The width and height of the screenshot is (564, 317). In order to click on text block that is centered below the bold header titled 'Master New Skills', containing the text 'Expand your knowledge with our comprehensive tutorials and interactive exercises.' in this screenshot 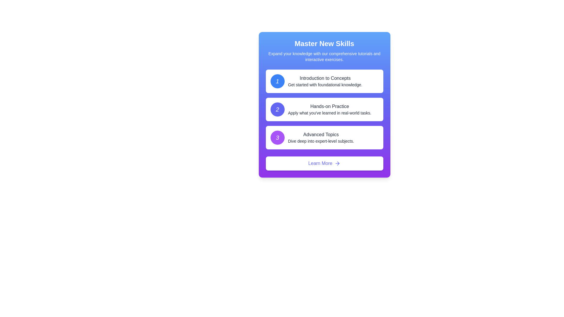, I will do `click(324, 56)`.